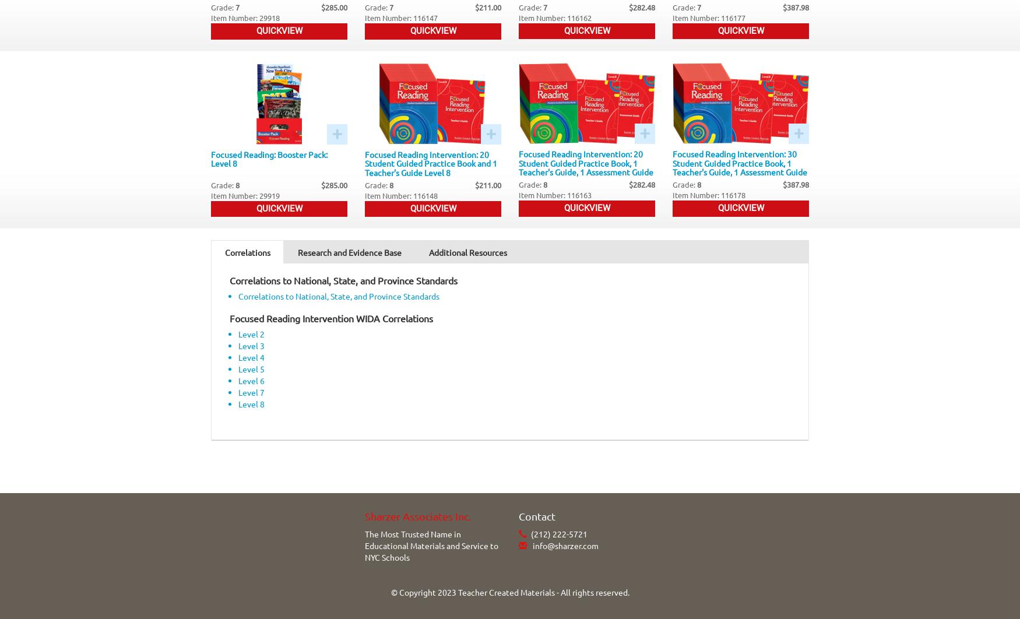 The image size is (1020, 619). I want to click on 'Focused Reading: Booster Pack: Level 8', so click(269, 157).